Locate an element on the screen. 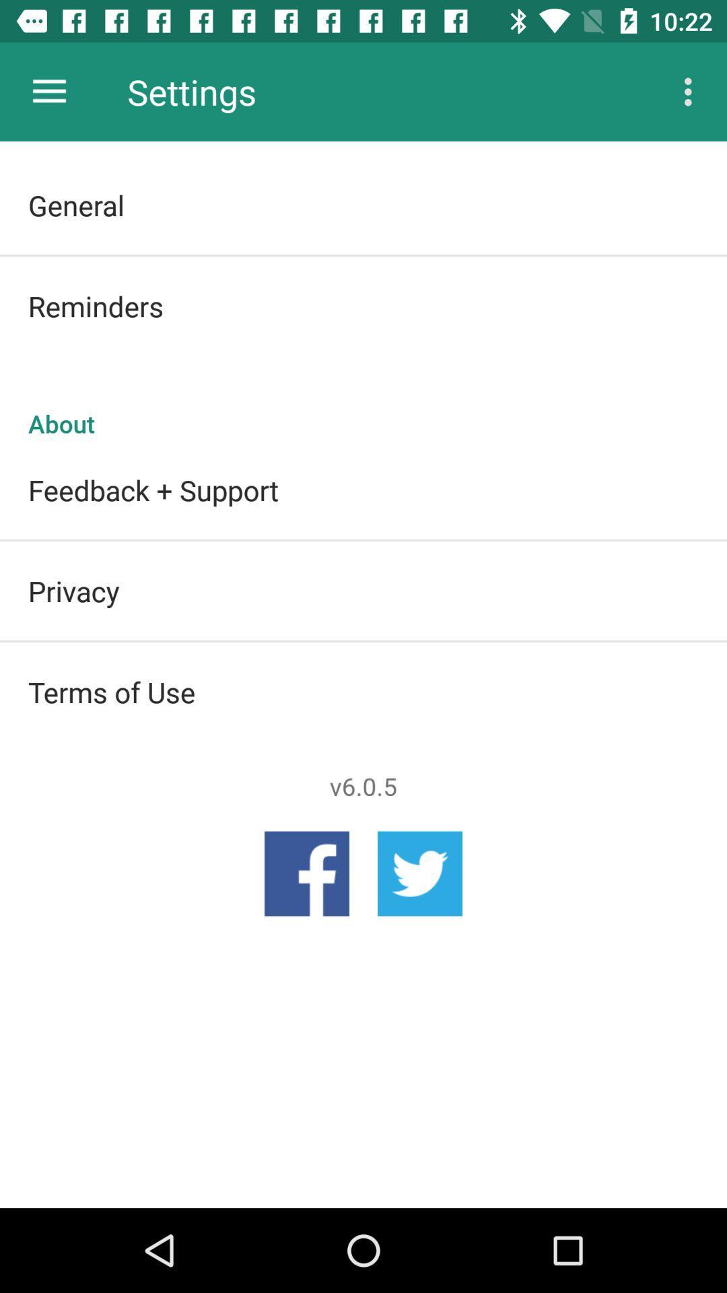  share on twitter is located at coordinates (419, 873).